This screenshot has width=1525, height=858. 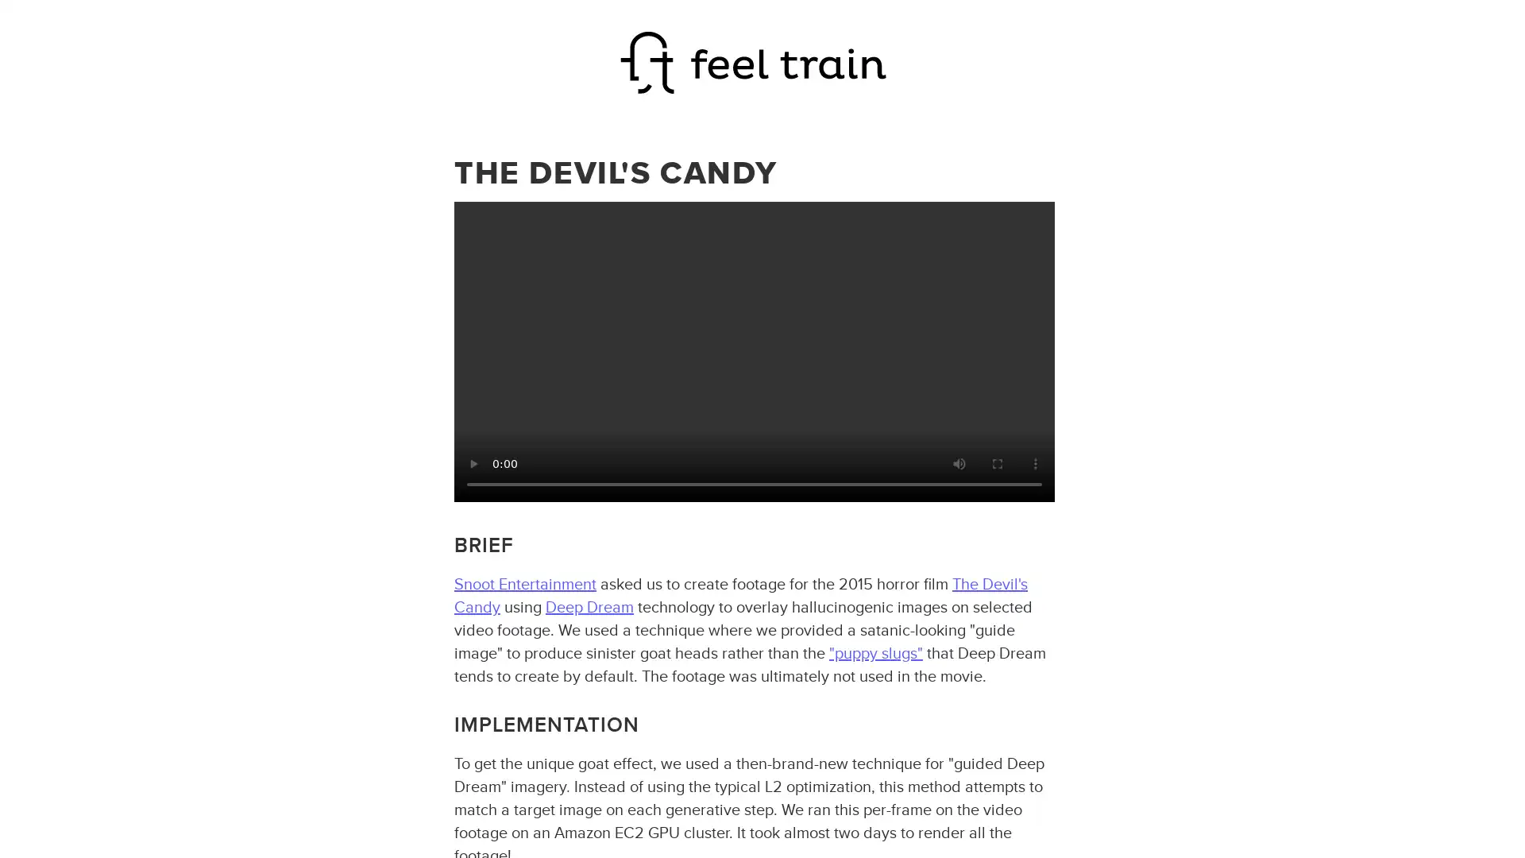 I want to click on play, so click(x=472, y=463).